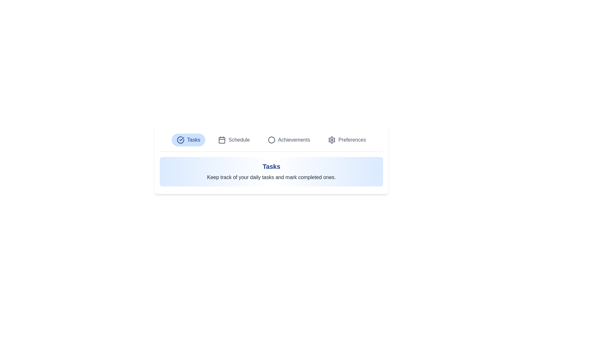 The width and height of the screenshot is (615, 346). What do you see at coordinates (347, 139) in the screenshot?
I see `the 'Preferences' button, which is the last button in a row of horizontally-aligned buttons, featuring a cogwheel icon and gray text` at bounding box center [347, 139].